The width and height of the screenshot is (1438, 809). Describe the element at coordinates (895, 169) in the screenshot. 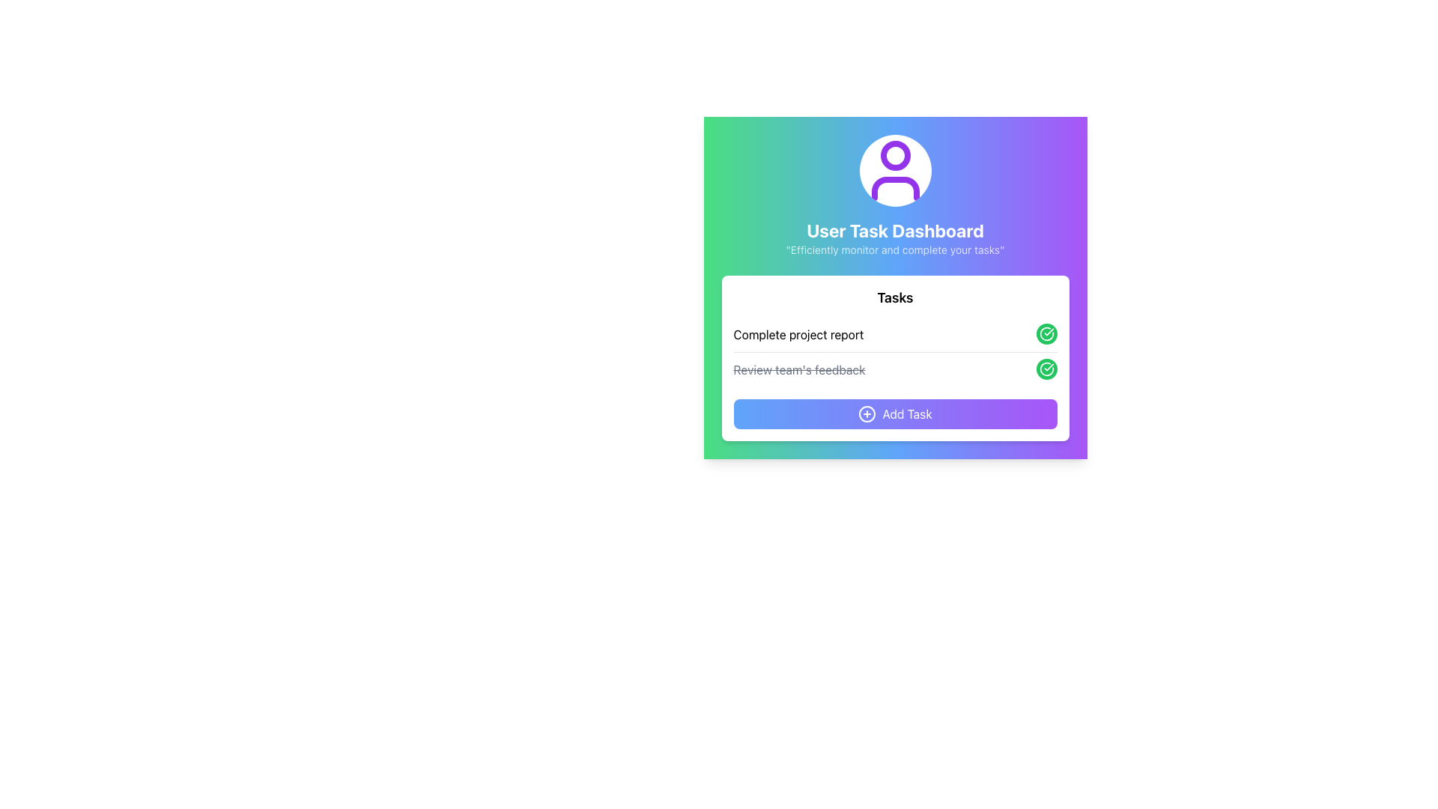

I see `the circular user icon with a purple outline, located at the top of the panel below the gradient header, centered above the 'User Task Dashboard' title` at that location.